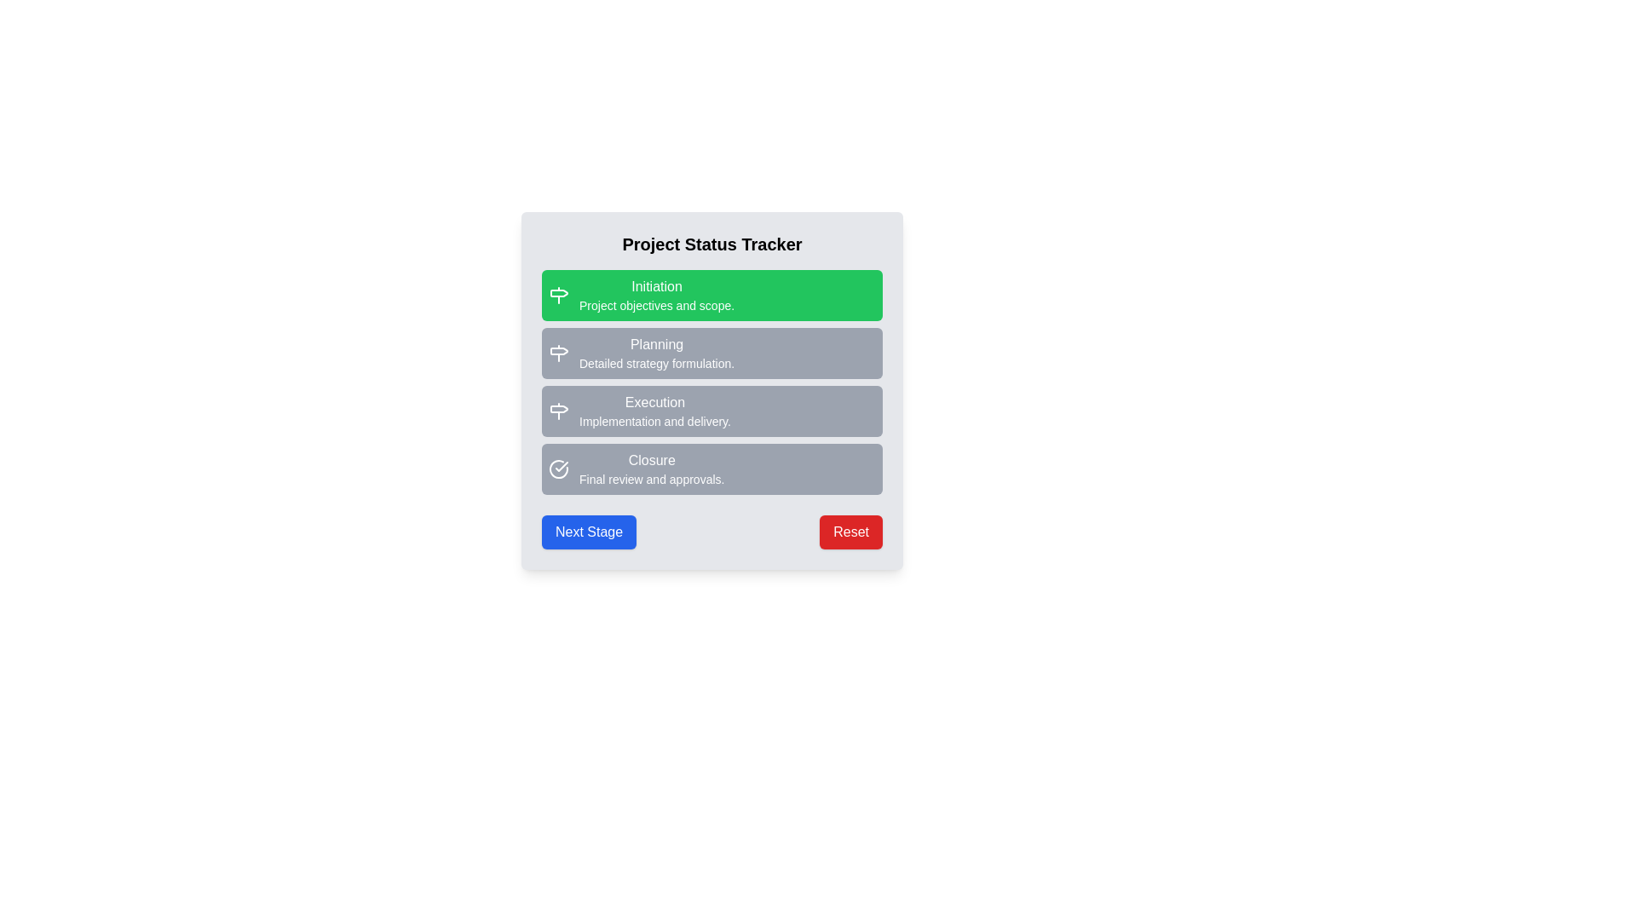 This screenshot has width=1636, height=920. Describe the element at coordinates (656, 304) in the screenshot. I see `the text label reading 'Project objectives and scope.' which is styled in a small font and positioned below the heading 'Initiation' within a green background rectangle` at that location.